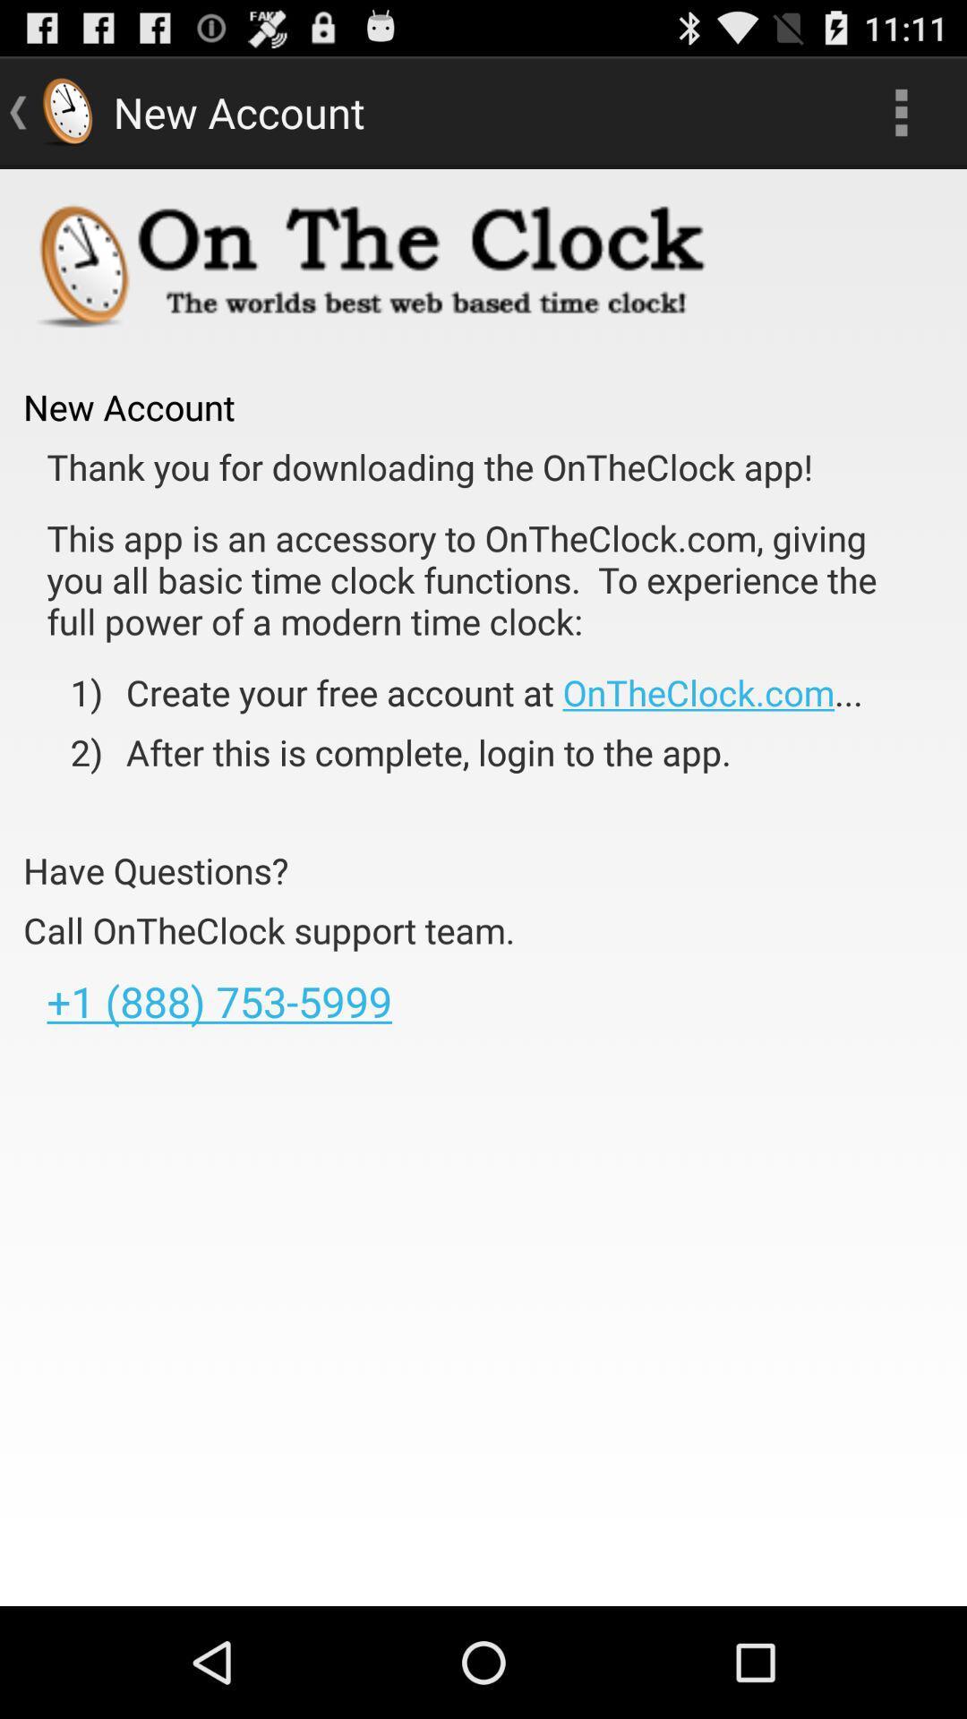  Describe the element at coordinates (155, 870) in the screenshot. I see `item below 2) item` at that location.